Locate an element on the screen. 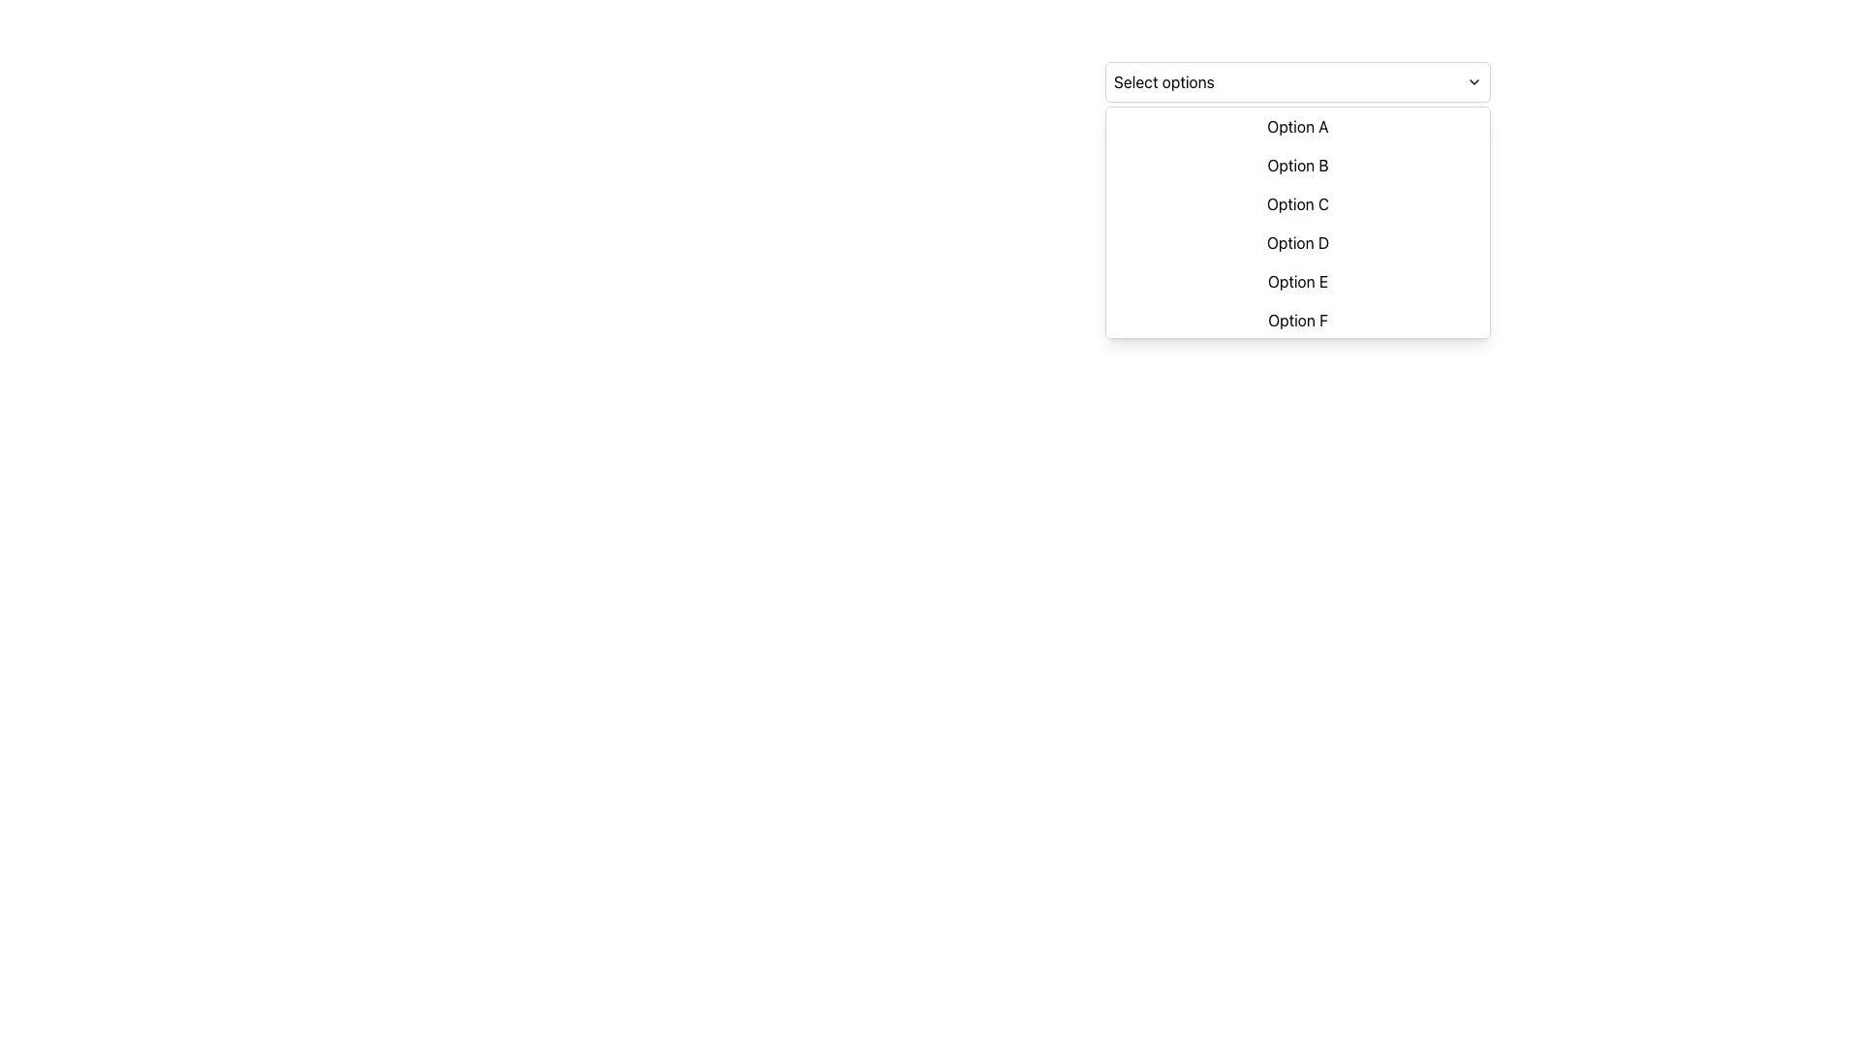 This screenshot has height=1046, width=1860. the 'Option B' dropdown menu item is located at coordinates (1297, 164).